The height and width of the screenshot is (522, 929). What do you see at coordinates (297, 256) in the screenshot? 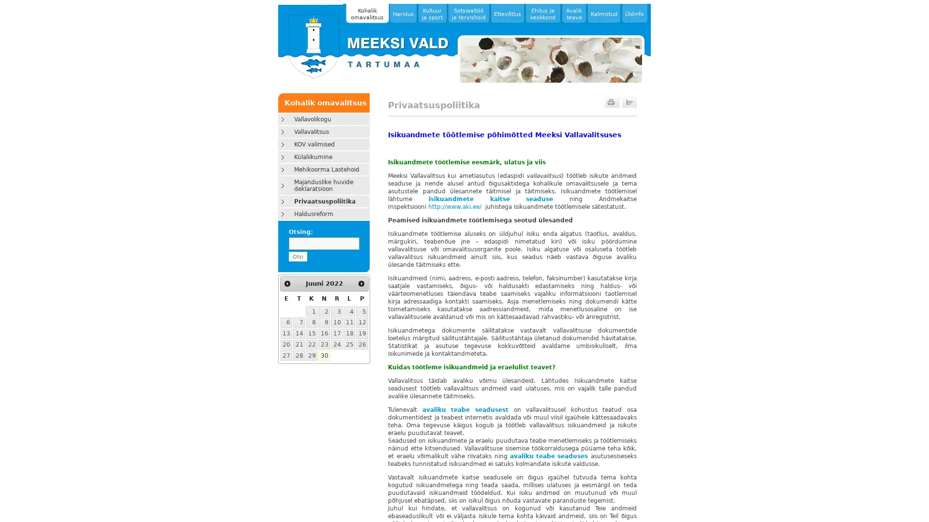
I see `Otsi` at bounding box center [297, 256].